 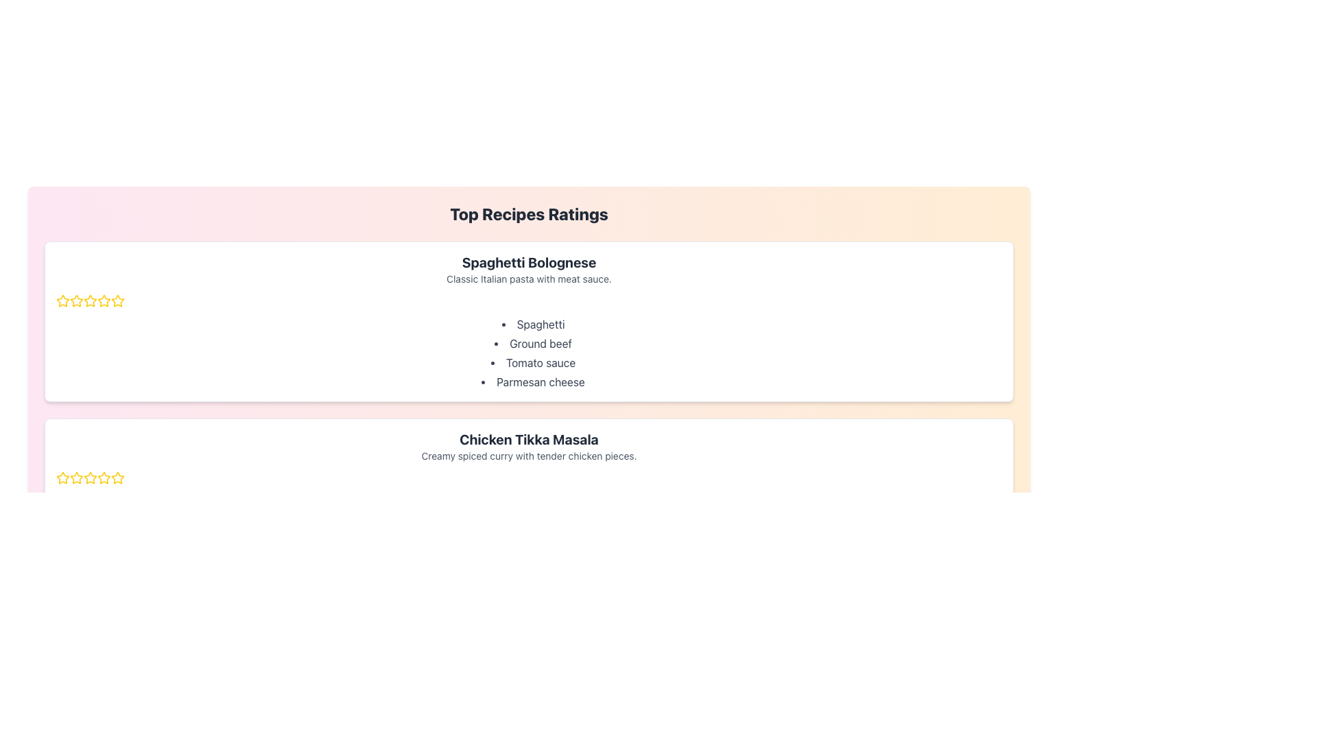 I want to click on the text item displaying 'Spaghetti' which is the first item in the bulleted list under the title 'Spaghetti Bolognese' in the 'Top Recipes Ratings' section, so click(x=532, y=325).